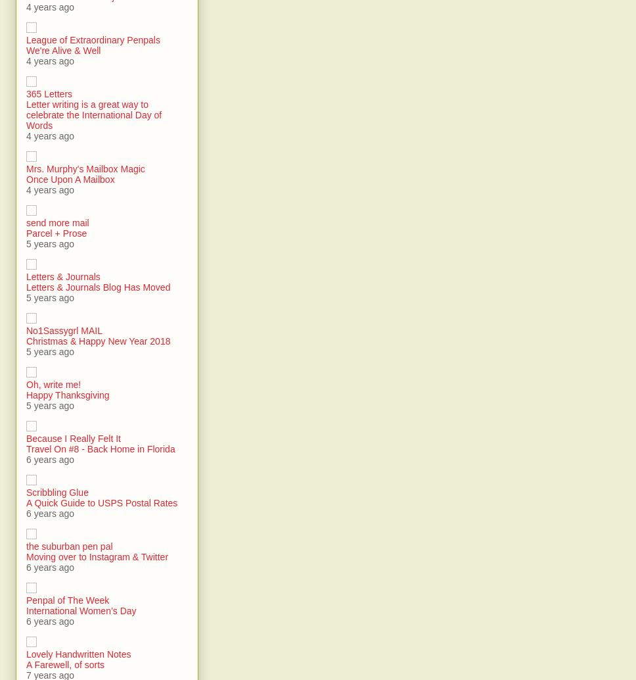 This screenshot has height=680, width=636. Describe the element at coordinates (101, 502) in the screenshot. I see `'A Quick Guide to USPS Postal Rates'` at that location.